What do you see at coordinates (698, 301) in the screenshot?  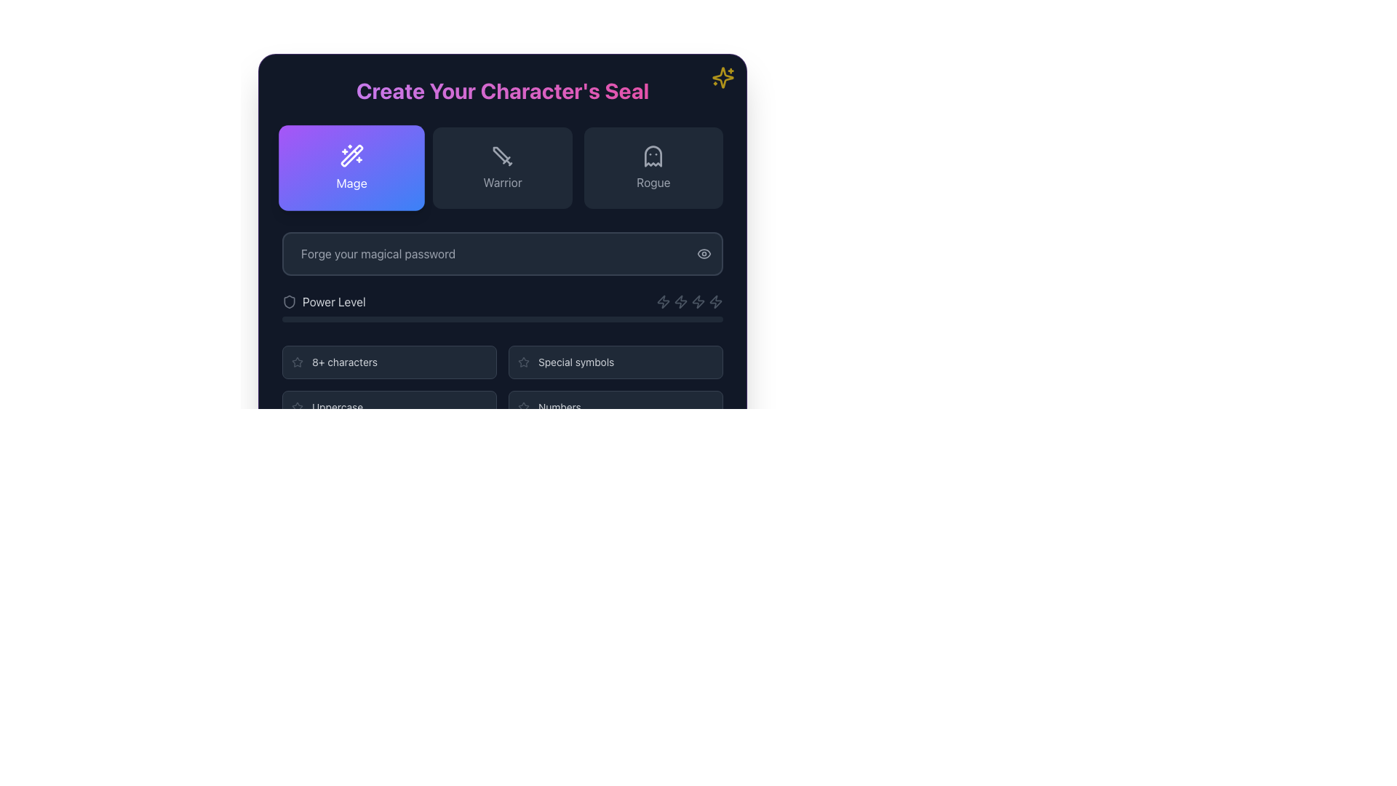 I see `the power/action icon located in the bottom-right area of the user interface, which is the last icon in a horizontal group of several similar icons` at bounding box center [698, 301].